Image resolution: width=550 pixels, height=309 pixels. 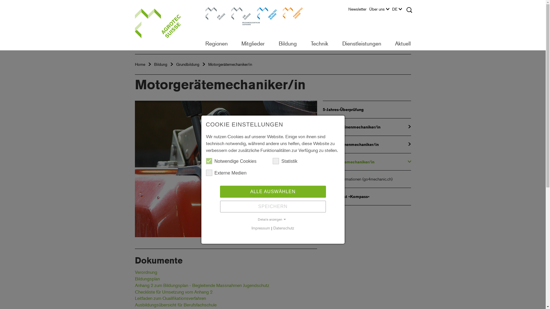 What do you see at coordinates (140, 64) in the screenshot?
I see `'Home'` at bounding box center [140, 64].